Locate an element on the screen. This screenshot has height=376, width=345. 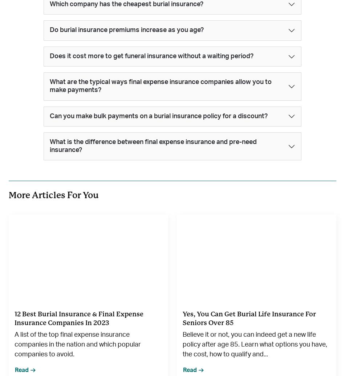
'What is the difference between final expense insurance and pre-need insurance?' is located at coordinates (153, 145).